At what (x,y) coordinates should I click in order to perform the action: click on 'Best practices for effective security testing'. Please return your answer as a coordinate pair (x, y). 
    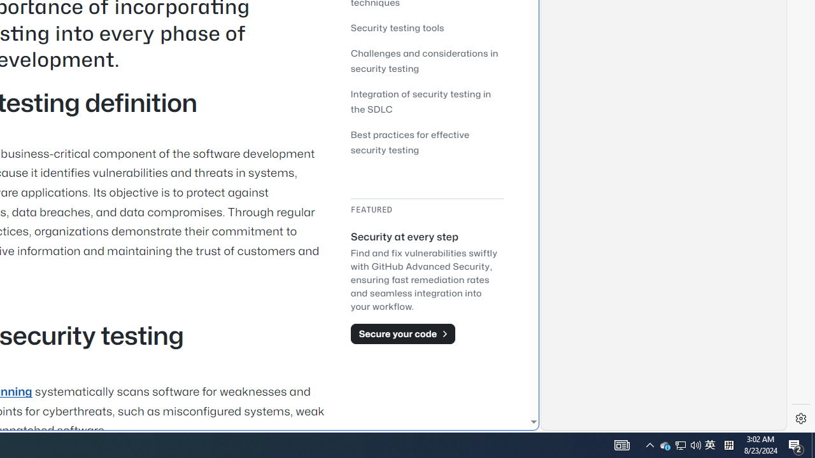
    Looking at the image, I should click on (410, 142).